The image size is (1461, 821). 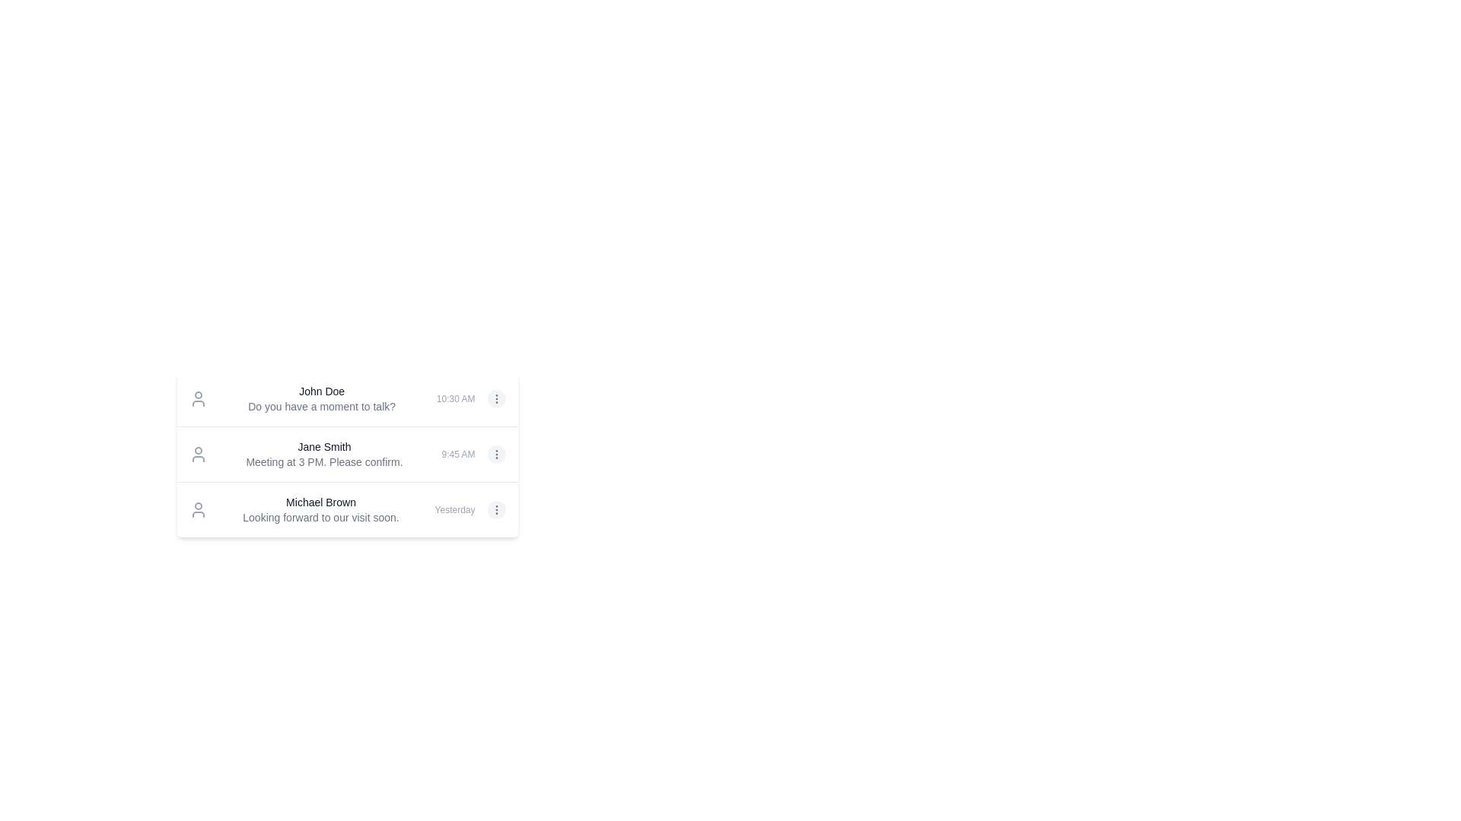 I want to click on the Text Display element representing a message from user 'Michael Brown' located in the third position of the message list, so click(x=320, y=510).